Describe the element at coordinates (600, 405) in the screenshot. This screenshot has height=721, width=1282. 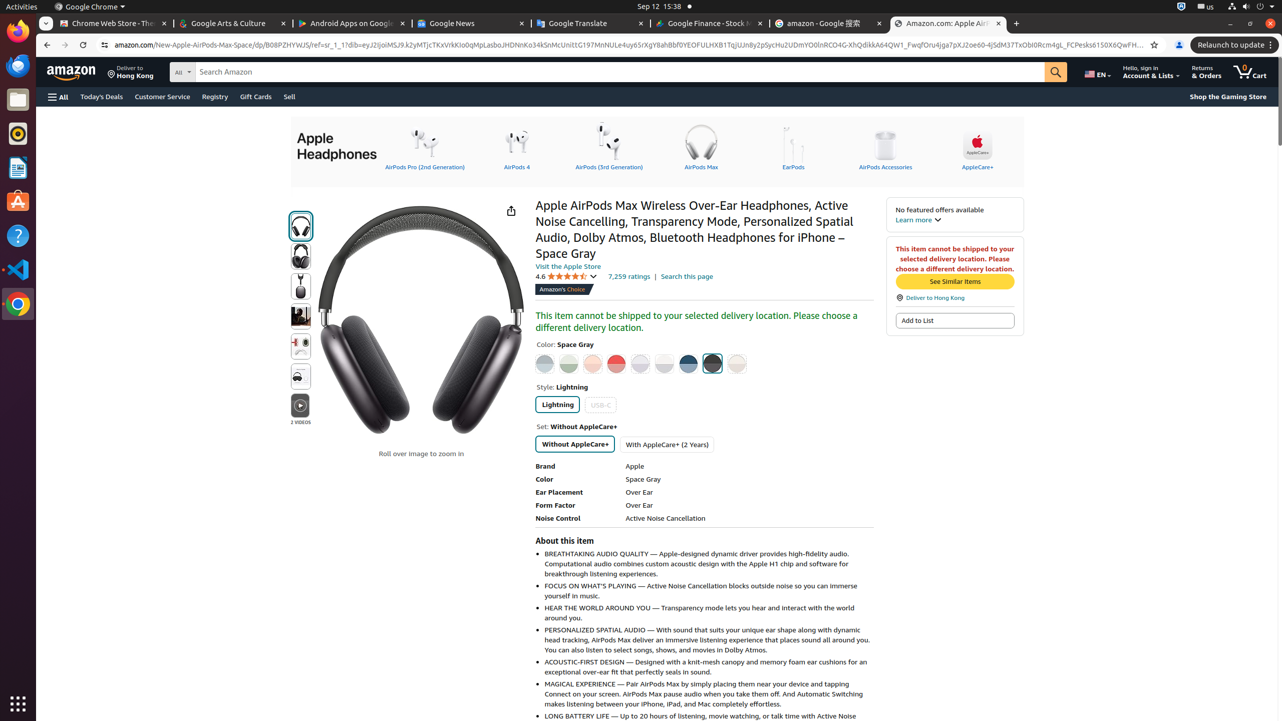
I see `'USB-C'` at that location.